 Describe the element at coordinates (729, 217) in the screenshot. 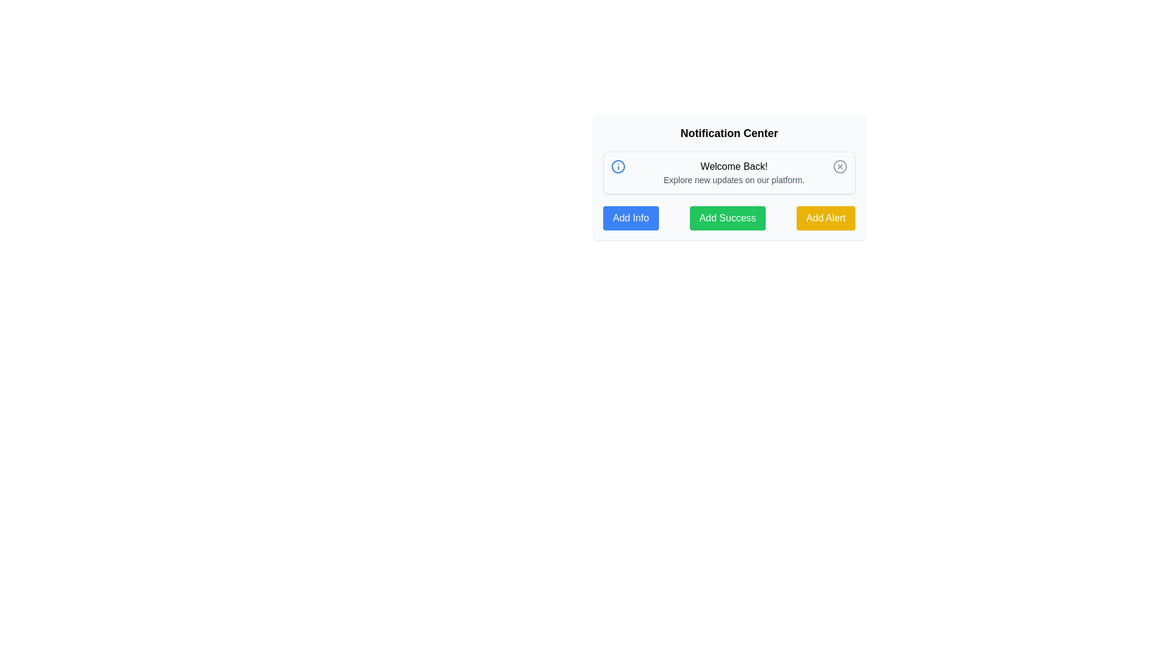

I see `the 'Add Success' button, which is styled with a green background and white text, located under the 'Notification Center' section` at that location.